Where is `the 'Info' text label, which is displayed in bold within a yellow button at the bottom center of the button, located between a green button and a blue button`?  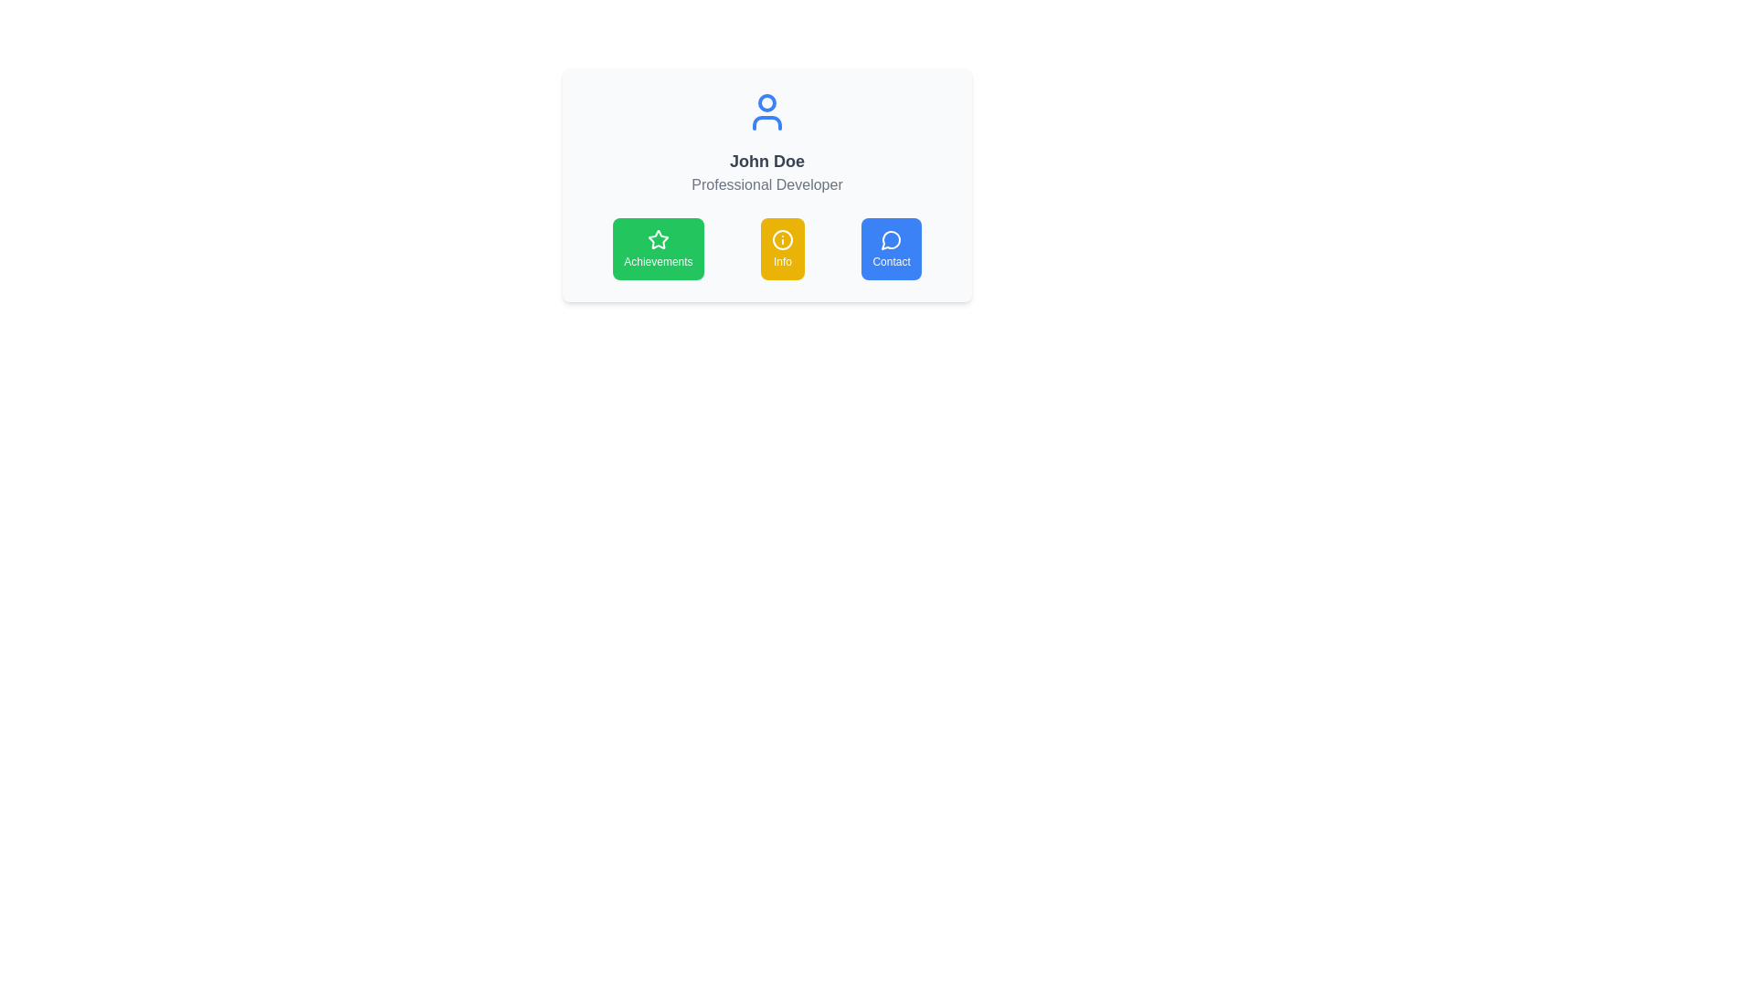
the 'Info' text label, which is displayed in bold within a yellow button at the bottom center of the button, located between a green button and a blue button is located at coordinates (782, 261).